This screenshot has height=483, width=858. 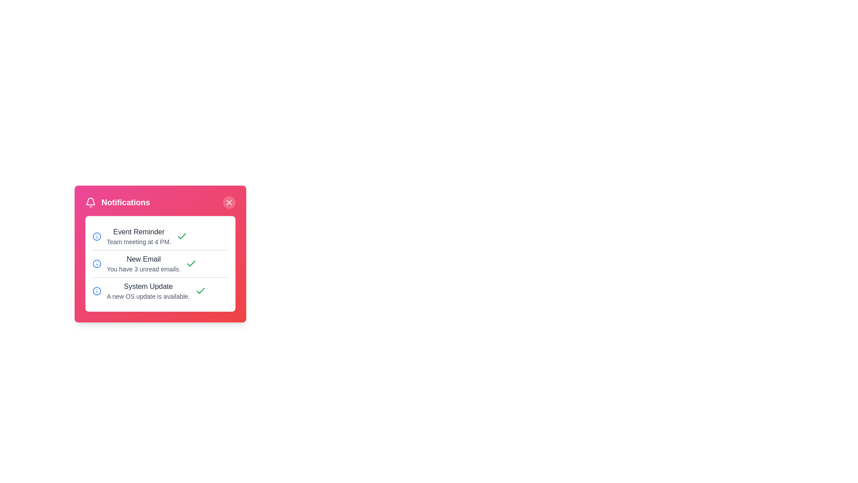 I want to click on the visual indicator icon confirming the 'Event Reminder' notification in the top-most row of the notifications interface, aligned to the right of the 'Event Reminder' text, so click(x=181, y=236).